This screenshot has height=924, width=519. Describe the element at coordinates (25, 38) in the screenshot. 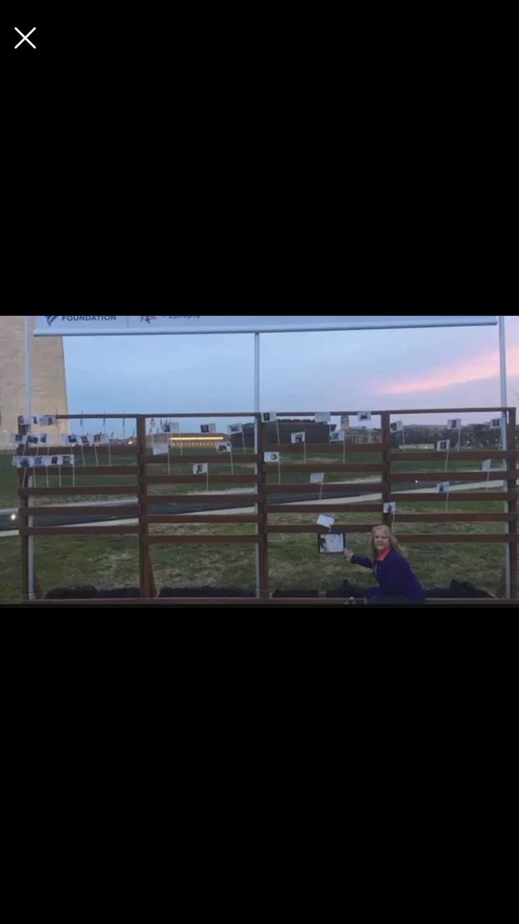

I see `close` at that location.